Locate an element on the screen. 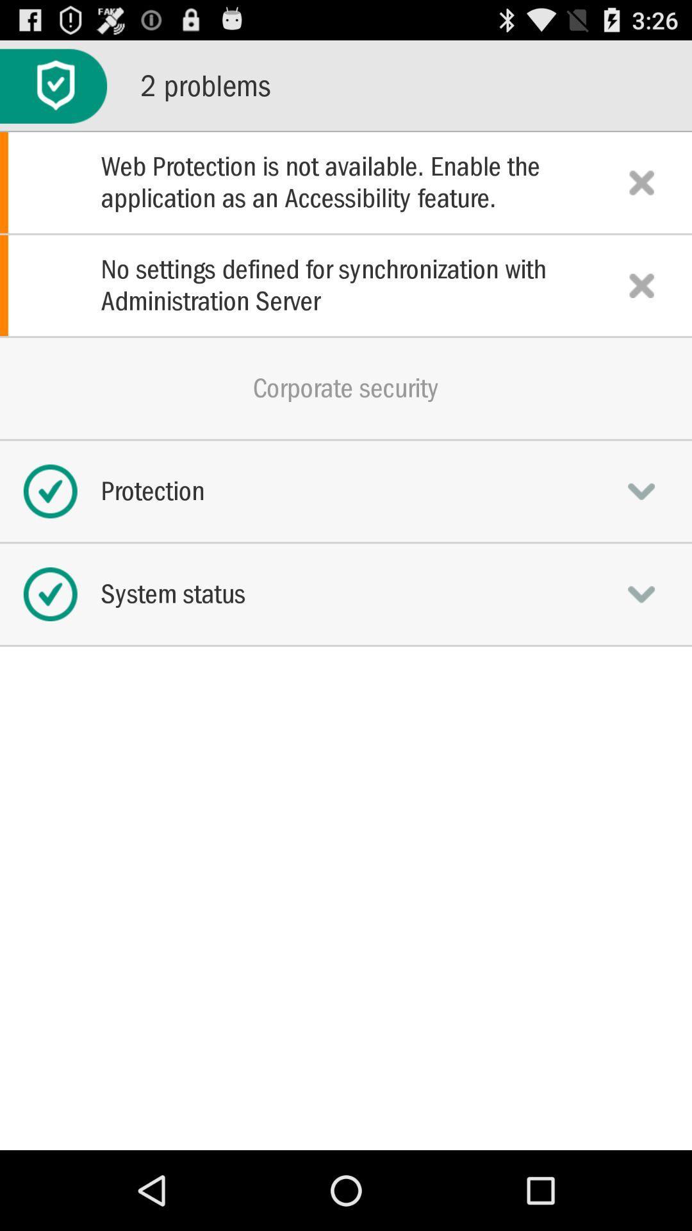 The width and height of the screenshot is (692, 1231). the web protection is icon is located at coordinates (346, 181).